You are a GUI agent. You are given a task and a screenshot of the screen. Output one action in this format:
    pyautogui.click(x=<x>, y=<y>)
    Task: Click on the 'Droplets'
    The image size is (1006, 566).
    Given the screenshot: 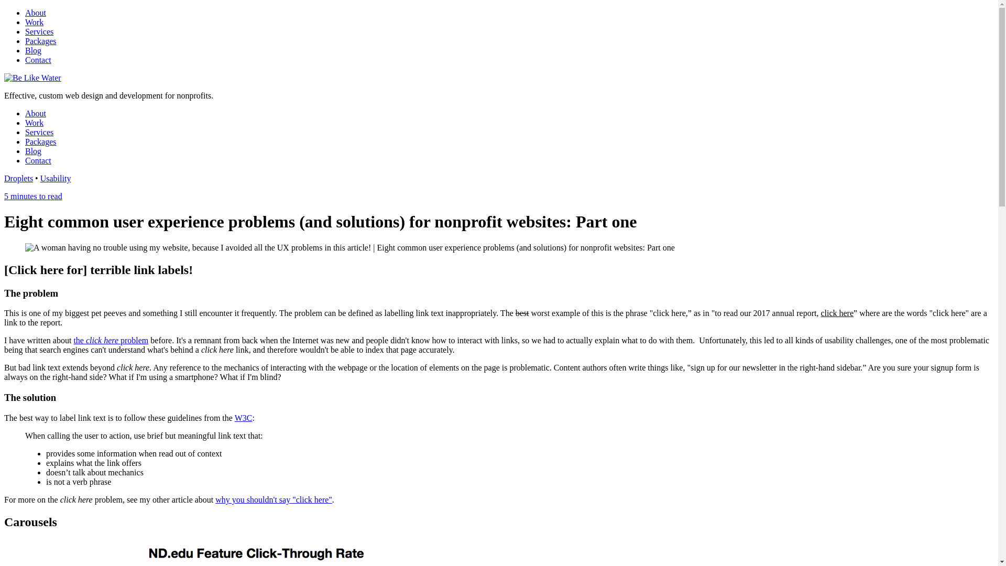 What is the action you would take?
    pyautogui.click(x=18, y=178)
    